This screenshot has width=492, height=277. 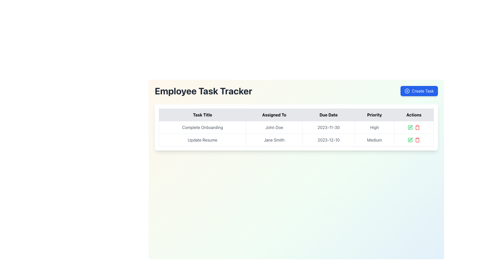 I want to click on the 'Due Date' text label in the first row of the task table for 'Complete Onboarding' assigned to 'John Doe', so click(x=329, y=127).